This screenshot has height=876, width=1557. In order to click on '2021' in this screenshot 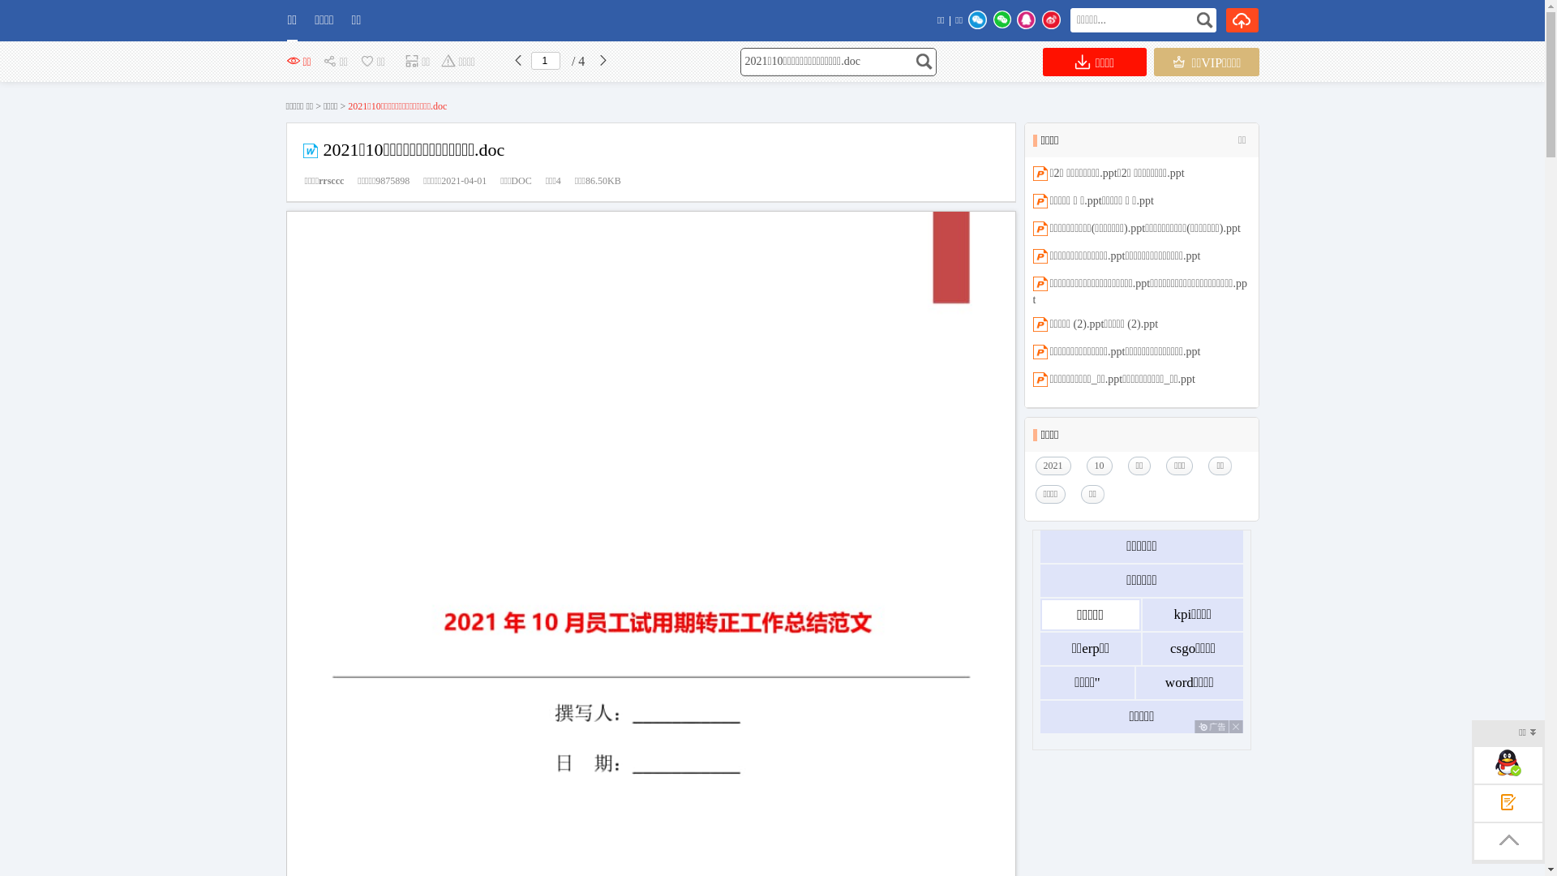, I will do `click(1056, 466)`.